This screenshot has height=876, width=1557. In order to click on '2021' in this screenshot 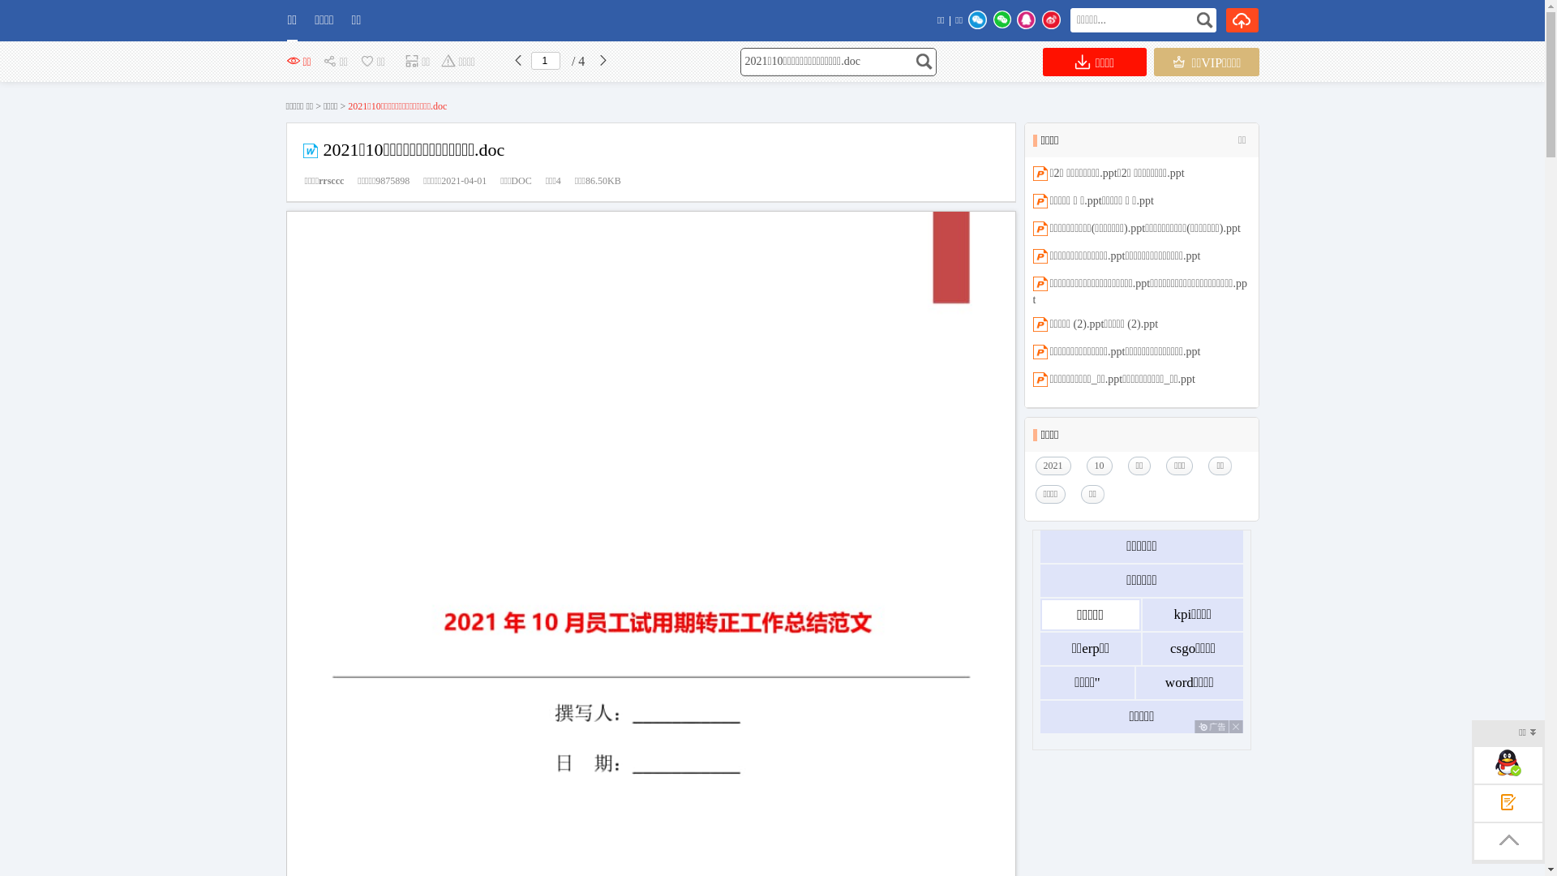, I will do `click(1056, 466)`.